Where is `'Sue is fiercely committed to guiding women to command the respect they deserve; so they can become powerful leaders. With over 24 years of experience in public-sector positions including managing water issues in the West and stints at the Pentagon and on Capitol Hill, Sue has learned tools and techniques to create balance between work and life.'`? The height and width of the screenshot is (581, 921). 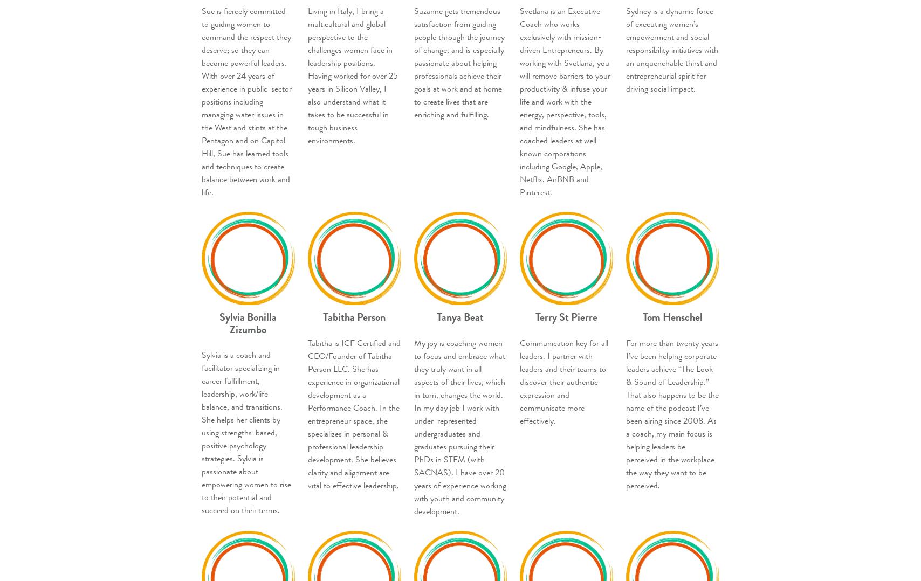 'Sue is fiercely committed to guiding women to command the respect they deserve; so they can become powerful leaders. With over 24 years of experience in public-sector positions including managing water issues in the West and stints at the Pentagon and on Capitol Hill, Sue has learned tools and techniques to create balance between work and life.' is located at coordinates (246, 101).